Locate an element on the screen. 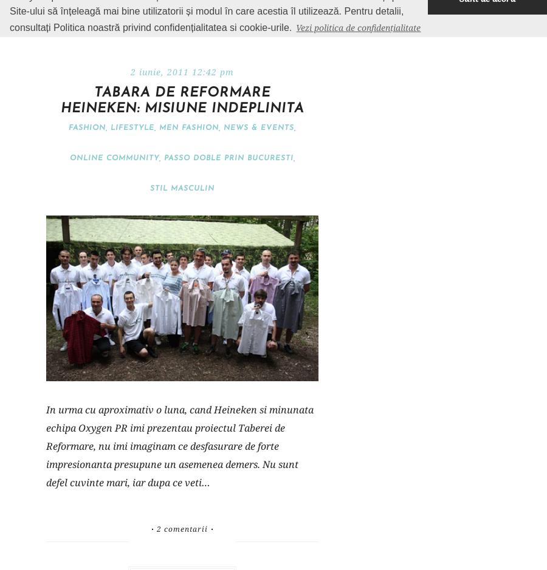 Image resolution: width=547 pixels, height=570 pixels. 'stil masculin' is located at coordinates (181, 188).